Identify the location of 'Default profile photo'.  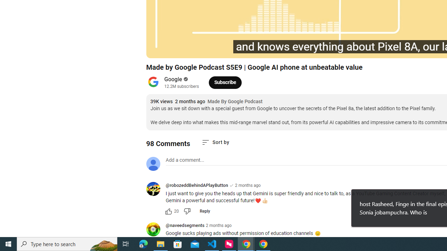
(153, 164).